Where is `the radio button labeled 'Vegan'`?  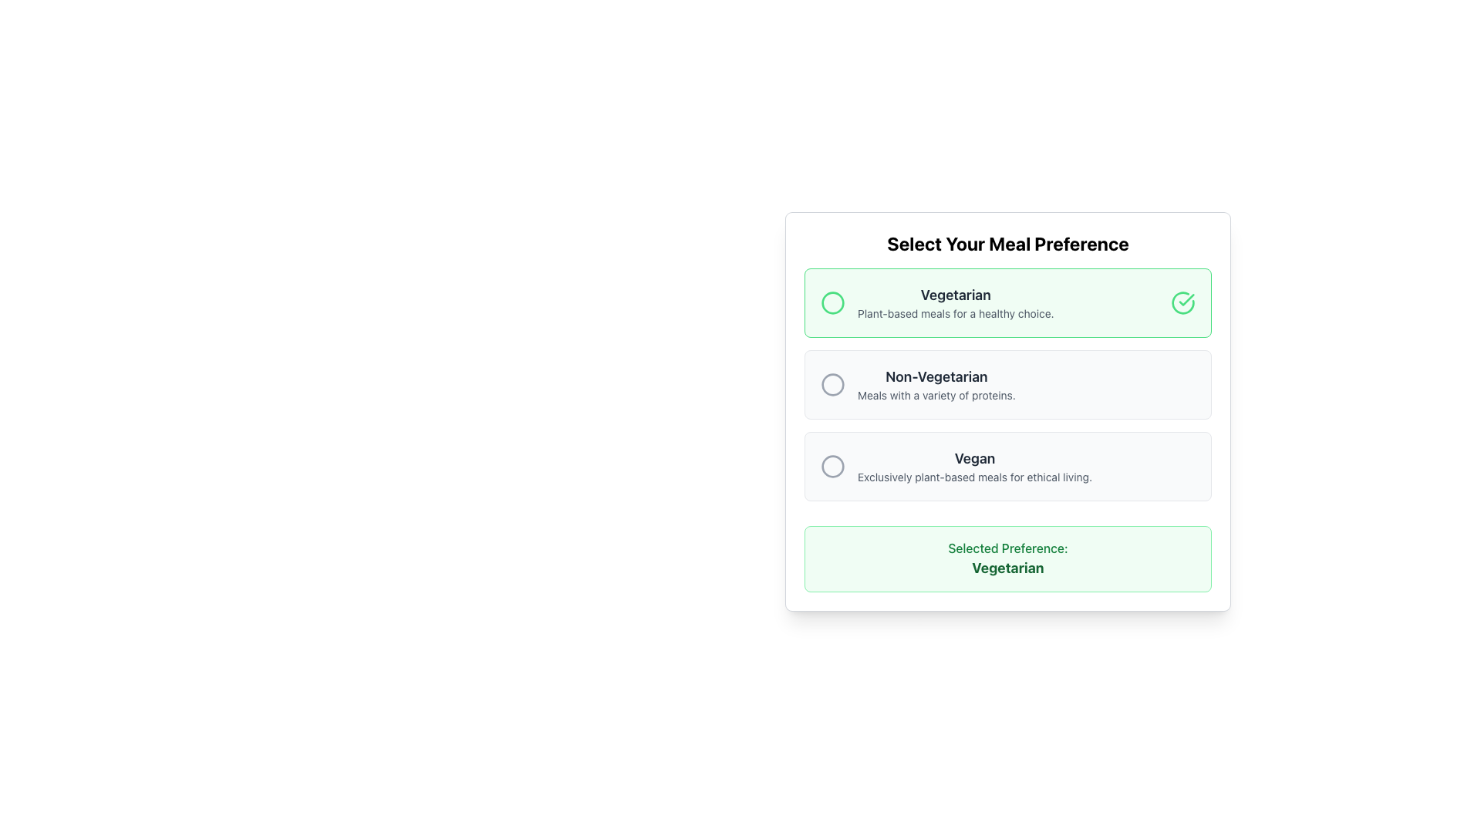 the radio button labeled 'Vegan' is located at coordinates (1007, 466).